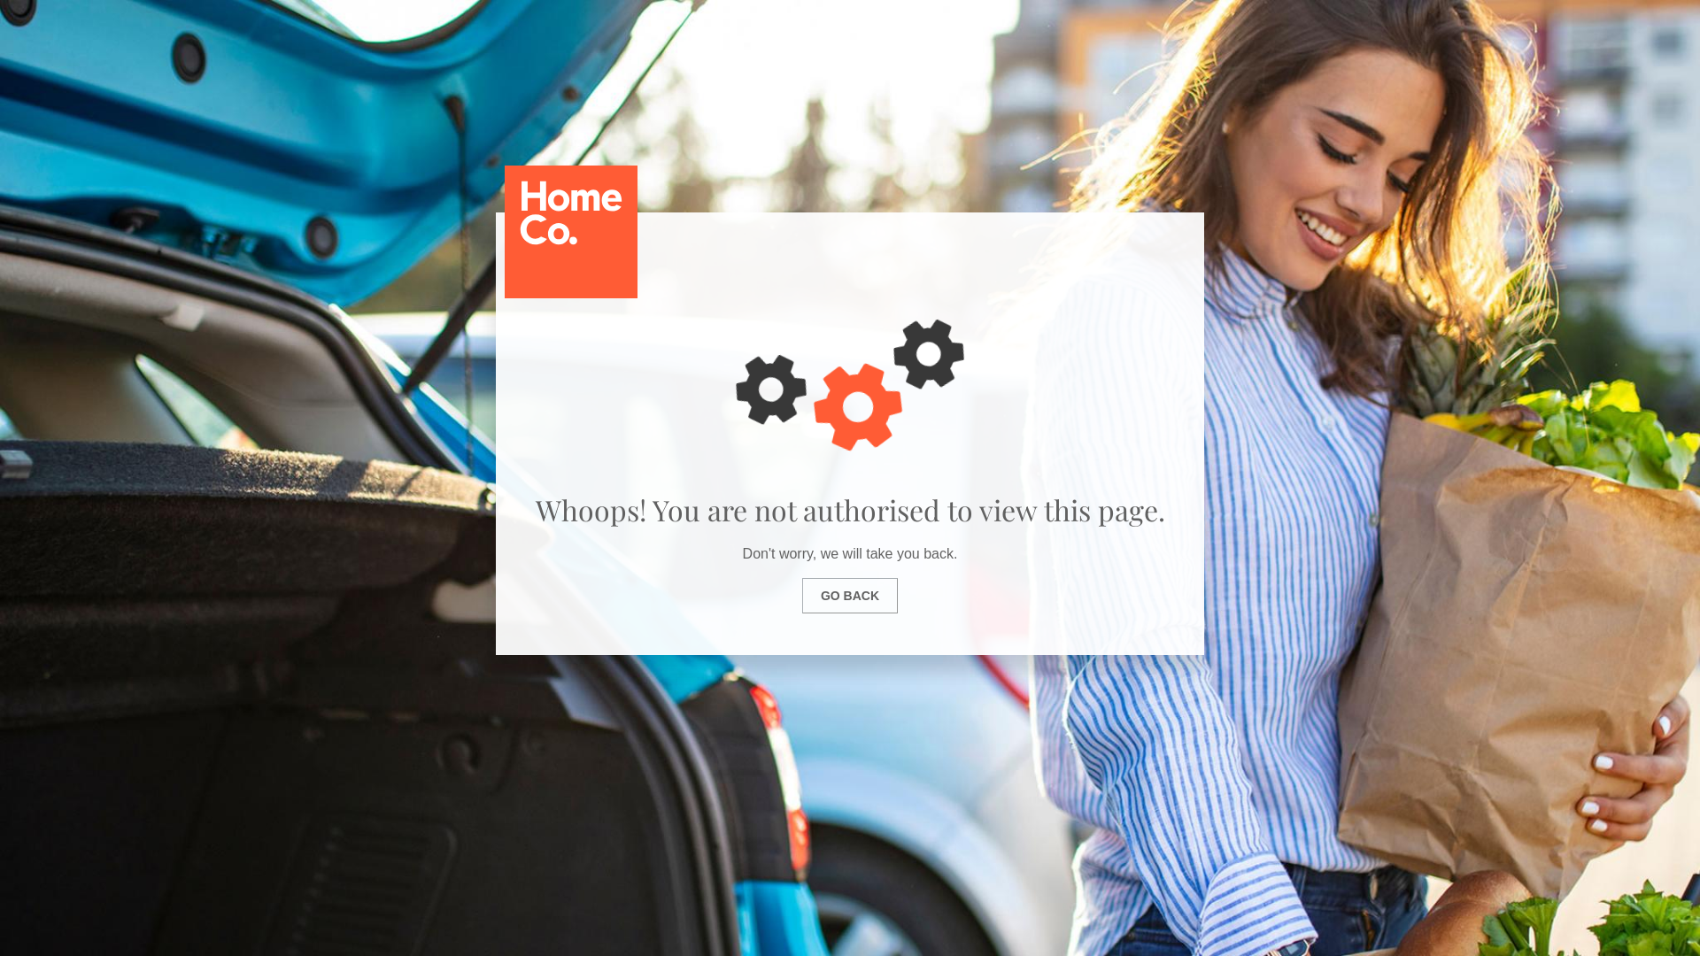 The height and width of the screenshot is (956, 1700). I want to click on 'GO BACK', so click(850, 595).